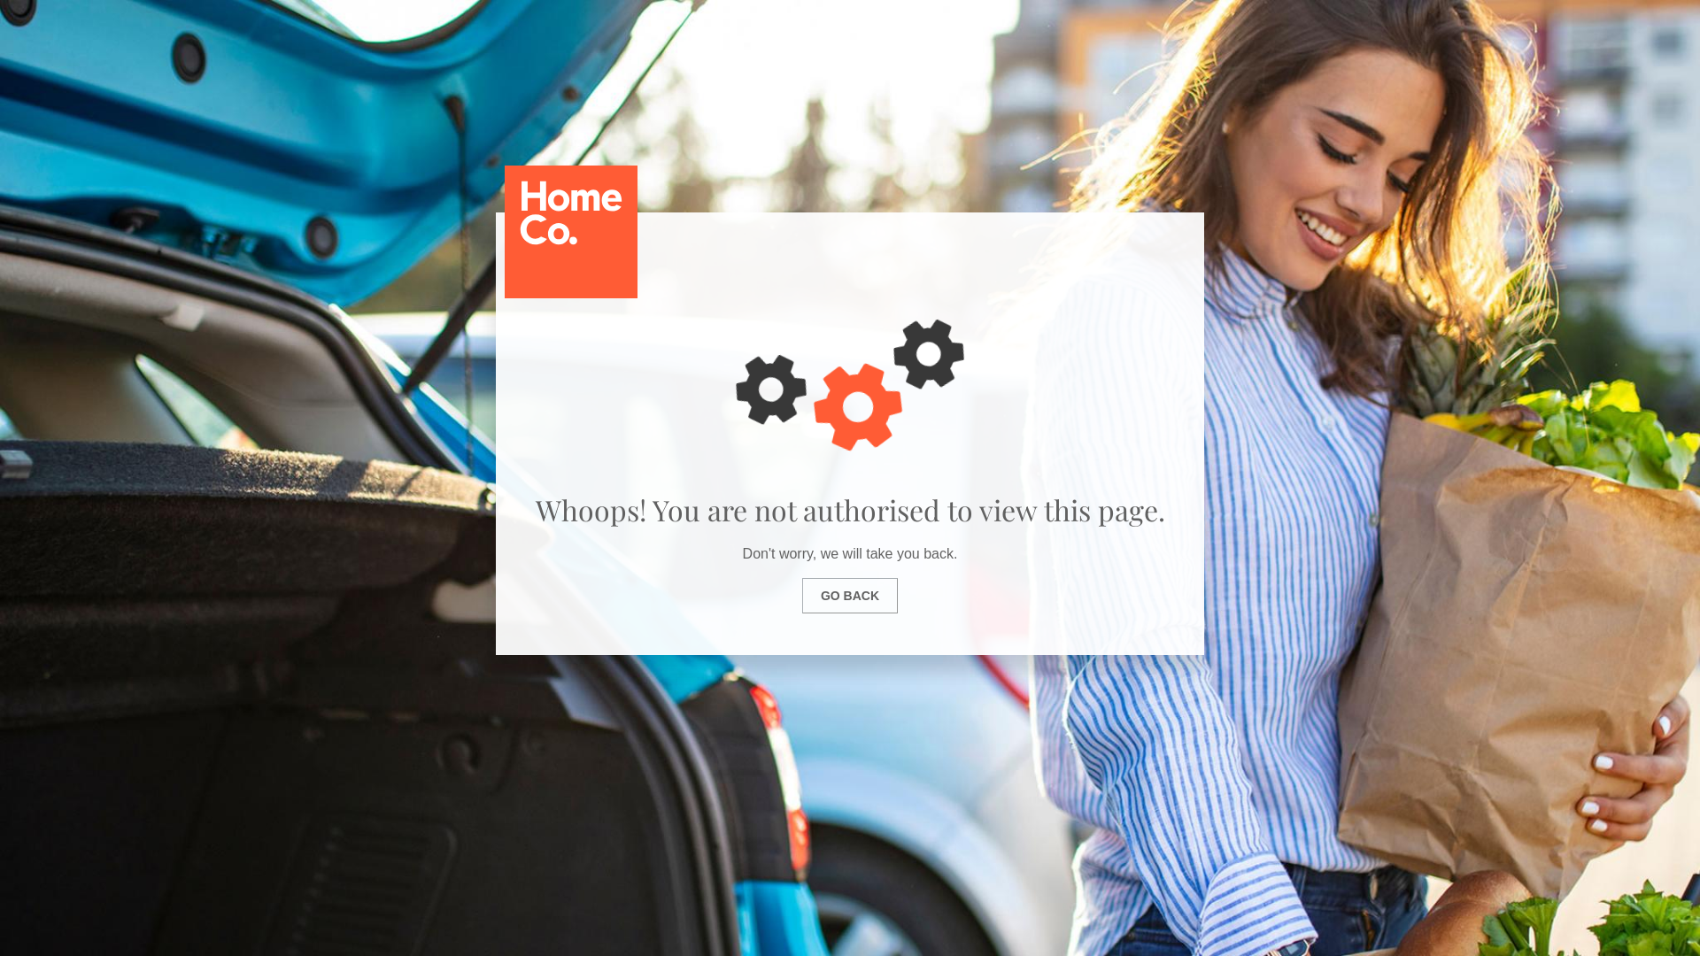 The height and width of the screenshot is (956, 1700). I want to click on 'GO BACK', so click(850, 595).